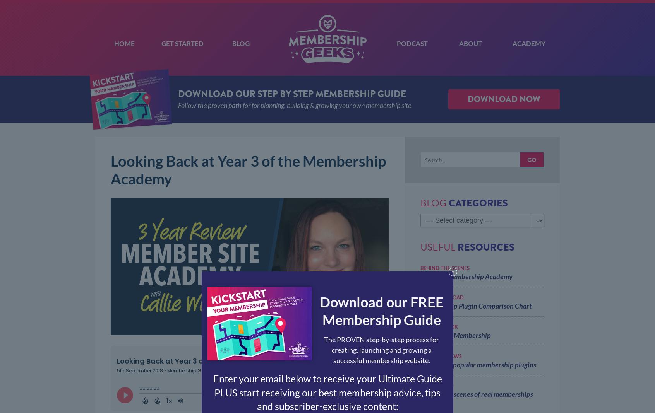 The image size is (655, 413). I want to click on 'Looking Back at Year 3 of the Membership Academy', so click(248, 169).